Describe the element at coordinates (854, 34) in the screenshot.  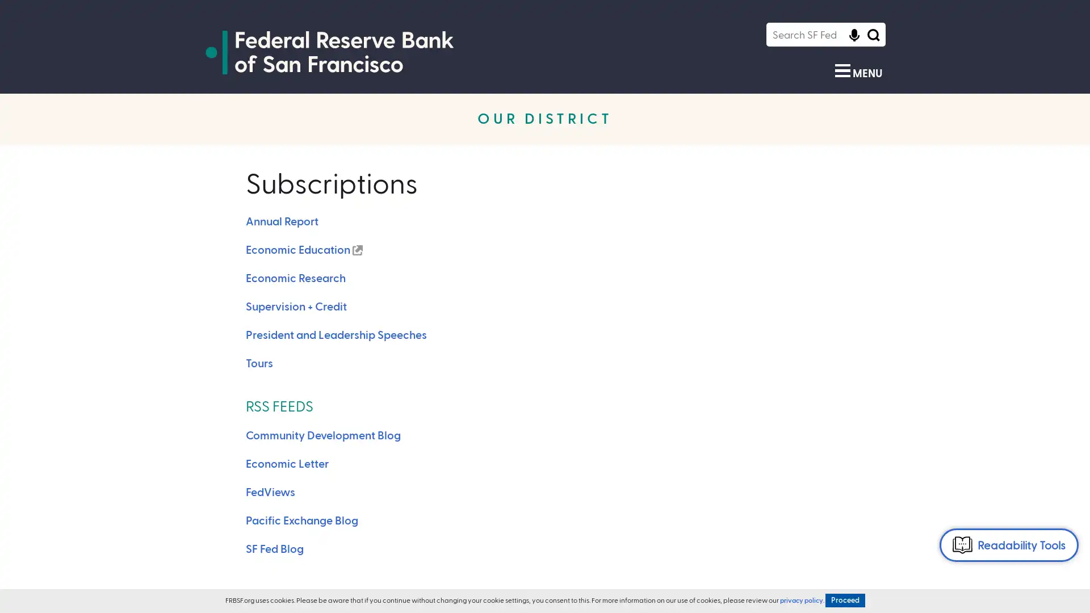
I see `Click to start voice recognition Click to start voice recognition of search query` at that location.